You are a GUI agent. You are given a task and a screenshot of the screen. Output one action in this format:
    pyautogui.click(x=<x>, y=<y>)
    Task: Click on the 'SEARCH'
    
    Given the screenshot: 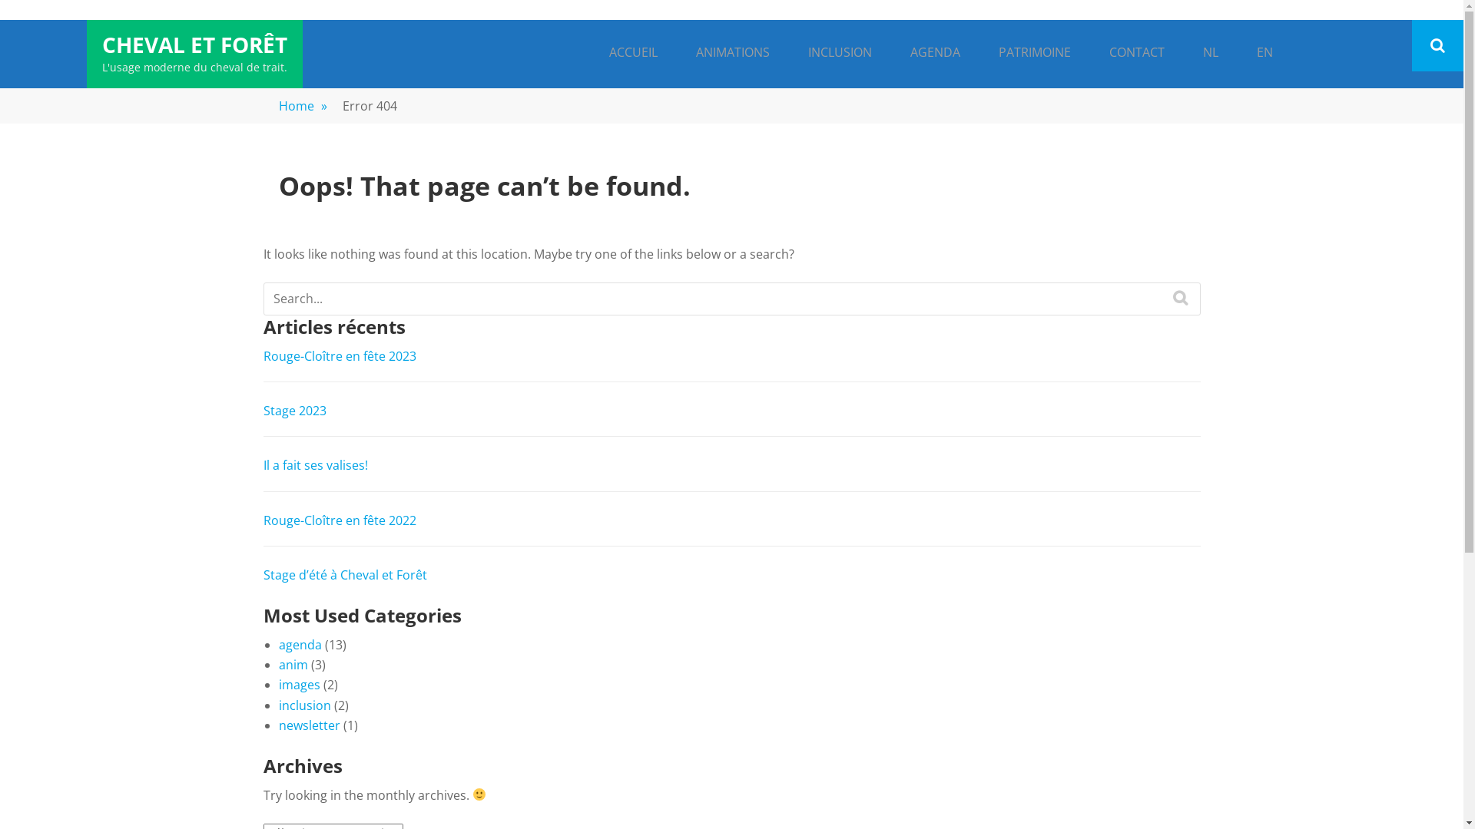 What is the action you would take?
    pyautogui.click(x=1179, y=298)
    